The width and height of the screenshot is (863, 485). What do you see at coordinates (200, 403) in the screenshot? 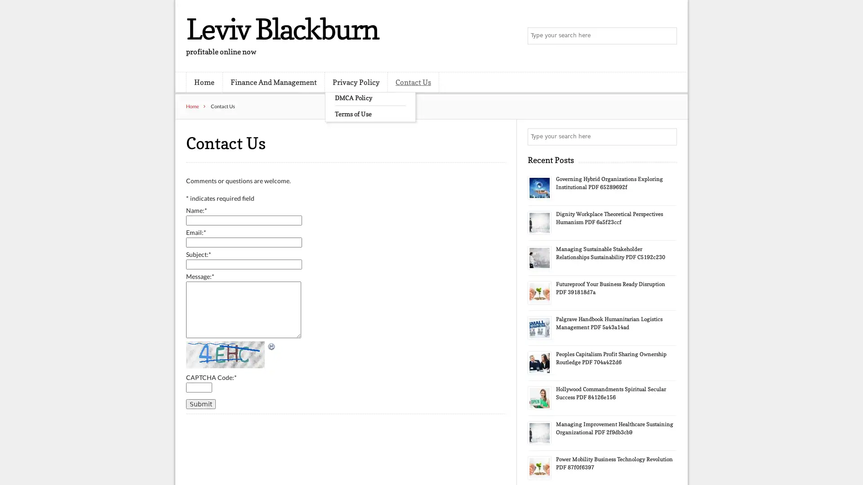
I see `Submit` at bounding box center [200, 403].